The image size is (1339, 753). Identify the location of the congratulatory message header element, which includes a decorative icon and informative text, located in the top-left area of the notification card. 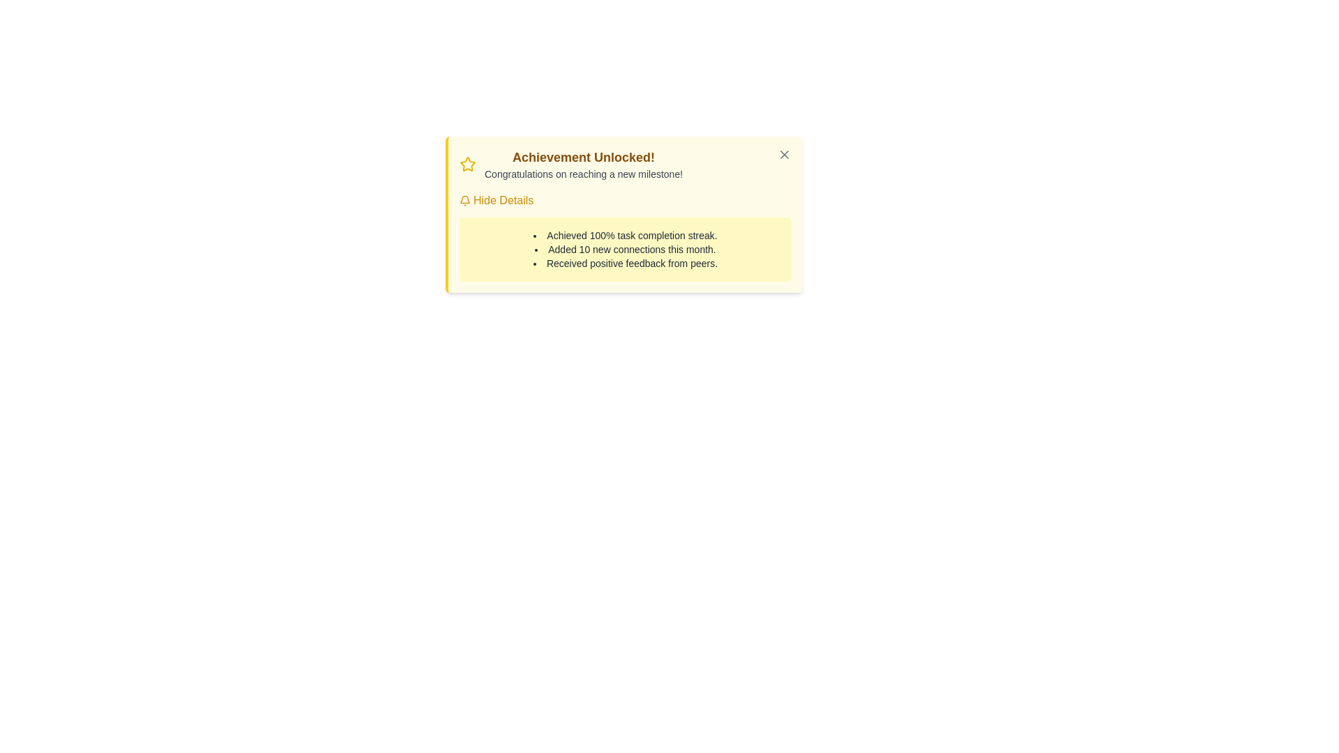
(571, 163).